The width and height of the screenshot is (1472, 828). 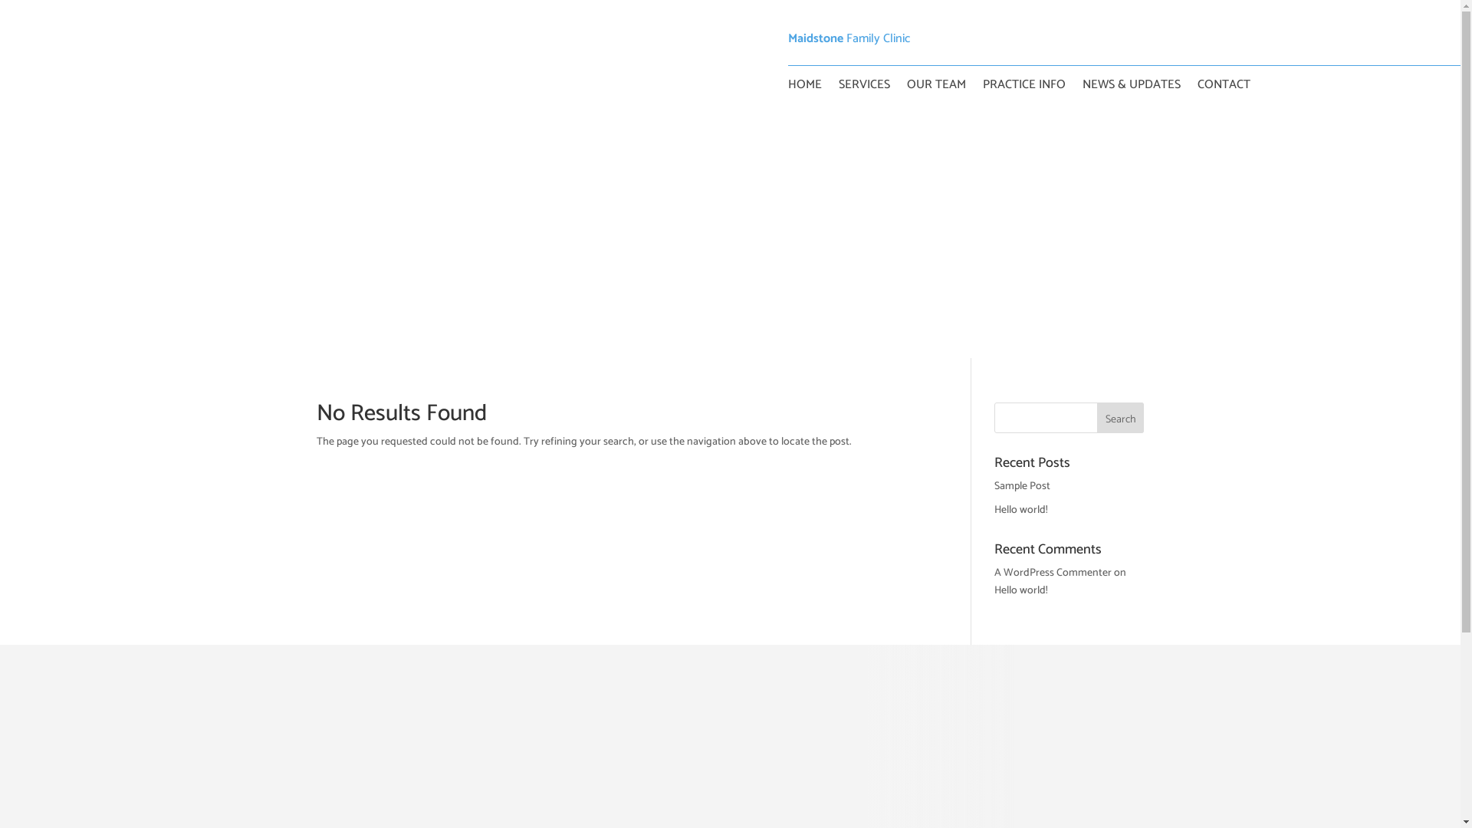 I want to click on 'A WordPress Commenter', so click(x=1052, y=573).